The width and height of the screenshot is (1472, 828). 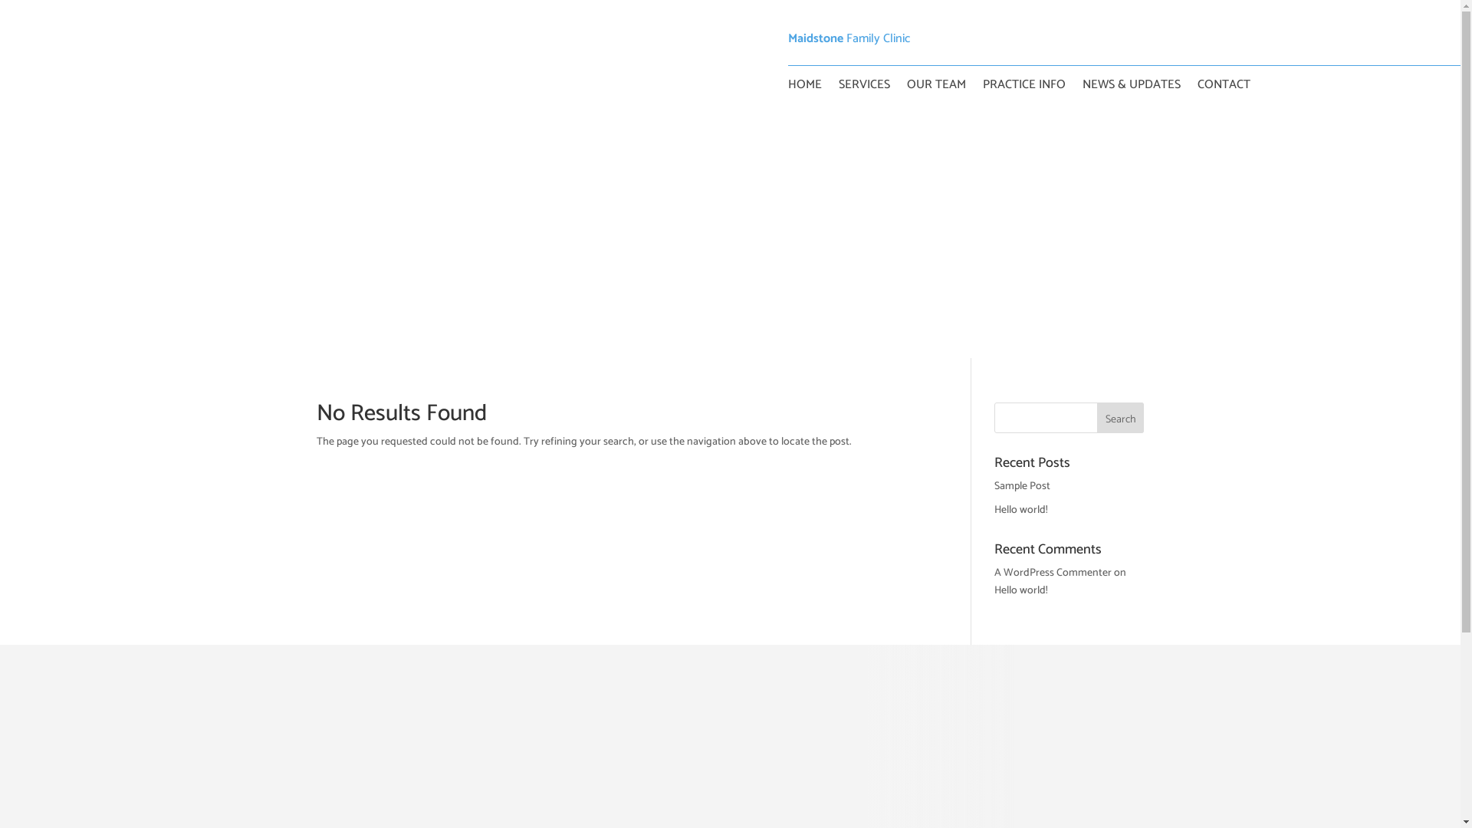 I want to click on 'A WordPress Commenter', so click(x=1052, y=573).